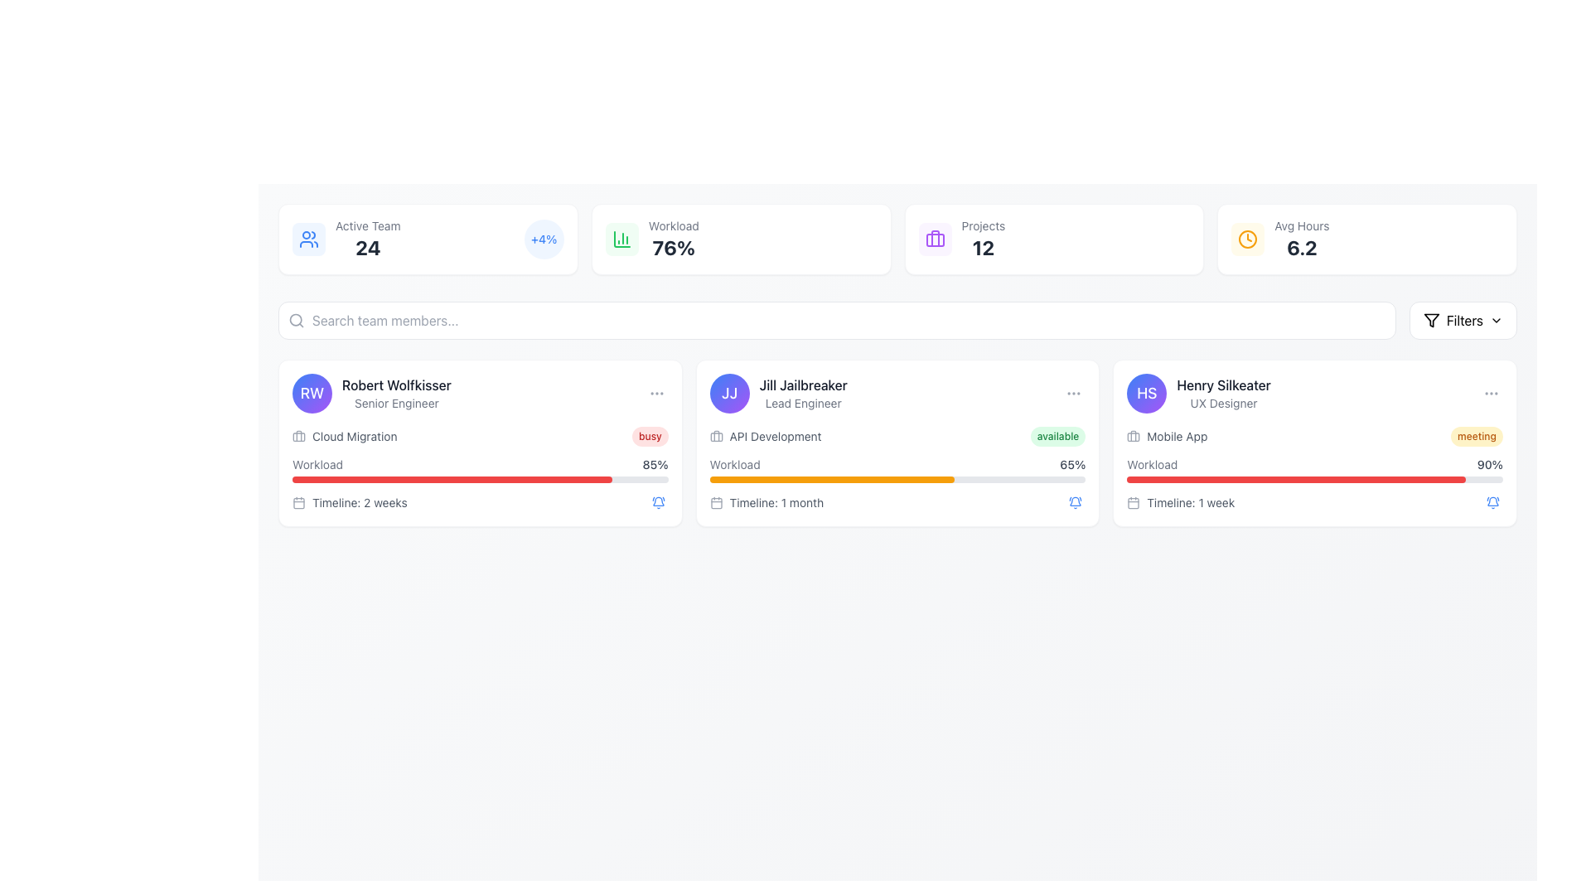 The width and height of the screenshot is (1591, 895). Describe the element at coordinates (935, 239) in the screenshot. I see `the briefcase-shaped icon with a purple outline located in the top-left area of the 'Active Team' statistics card` at that location.